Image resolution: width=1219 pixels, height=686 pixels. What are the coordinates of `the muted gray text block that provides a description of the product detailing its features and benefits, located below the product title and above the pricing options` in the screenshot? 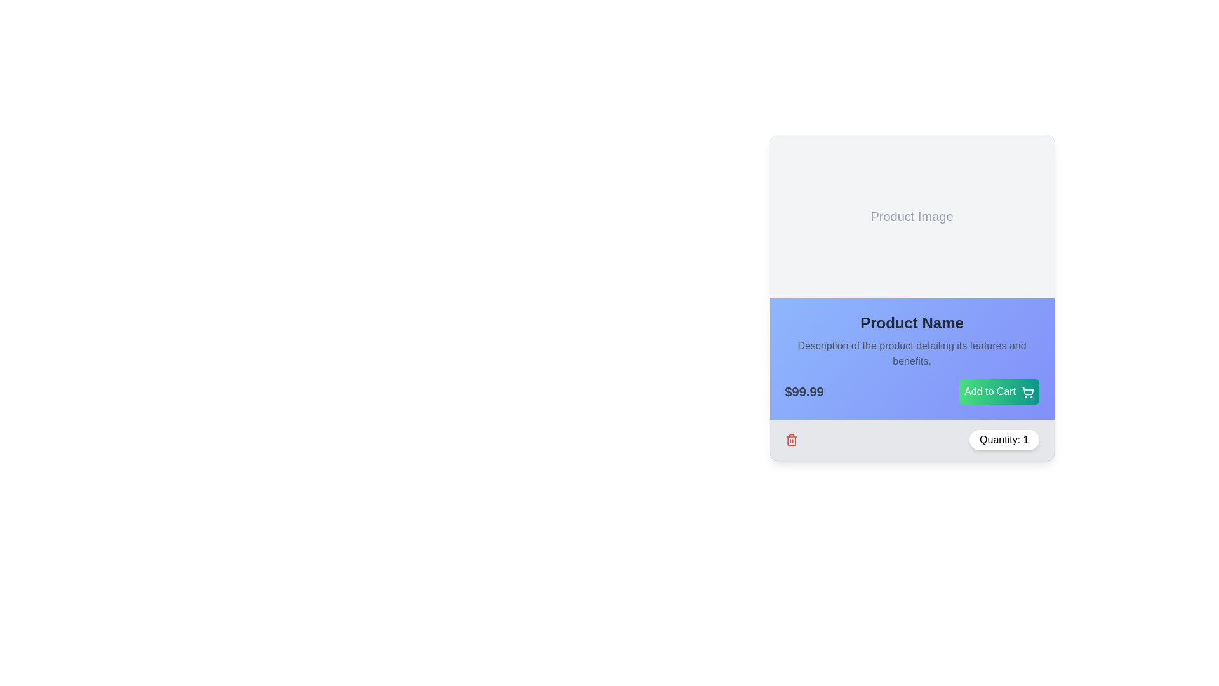 It's located at (911, 353).